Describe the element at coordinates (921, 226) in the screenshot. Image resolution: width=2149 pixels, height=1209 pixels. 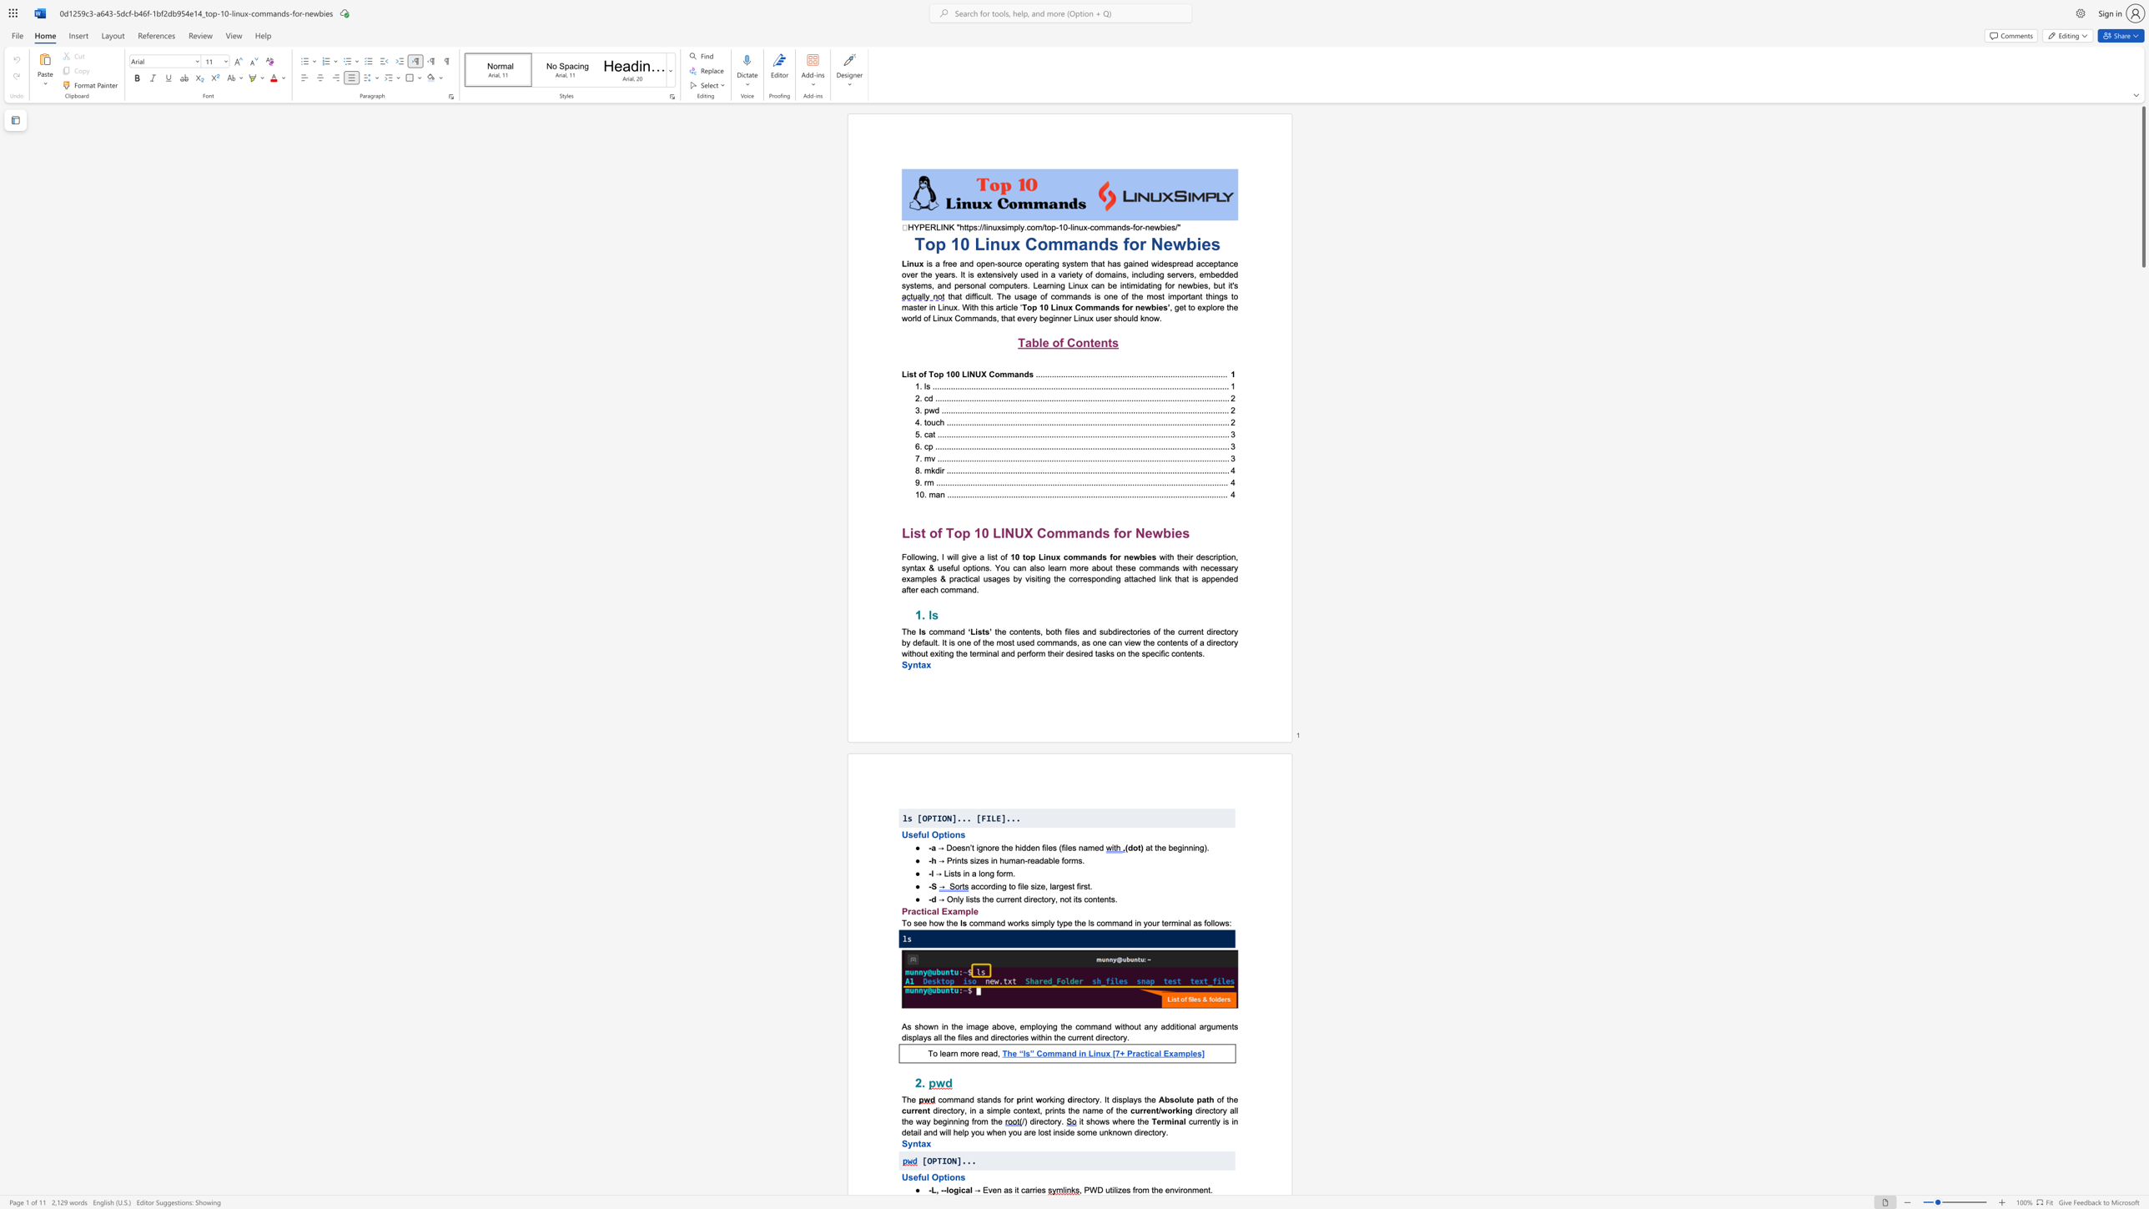
I see `the 1th character "P" in the text` at that location.